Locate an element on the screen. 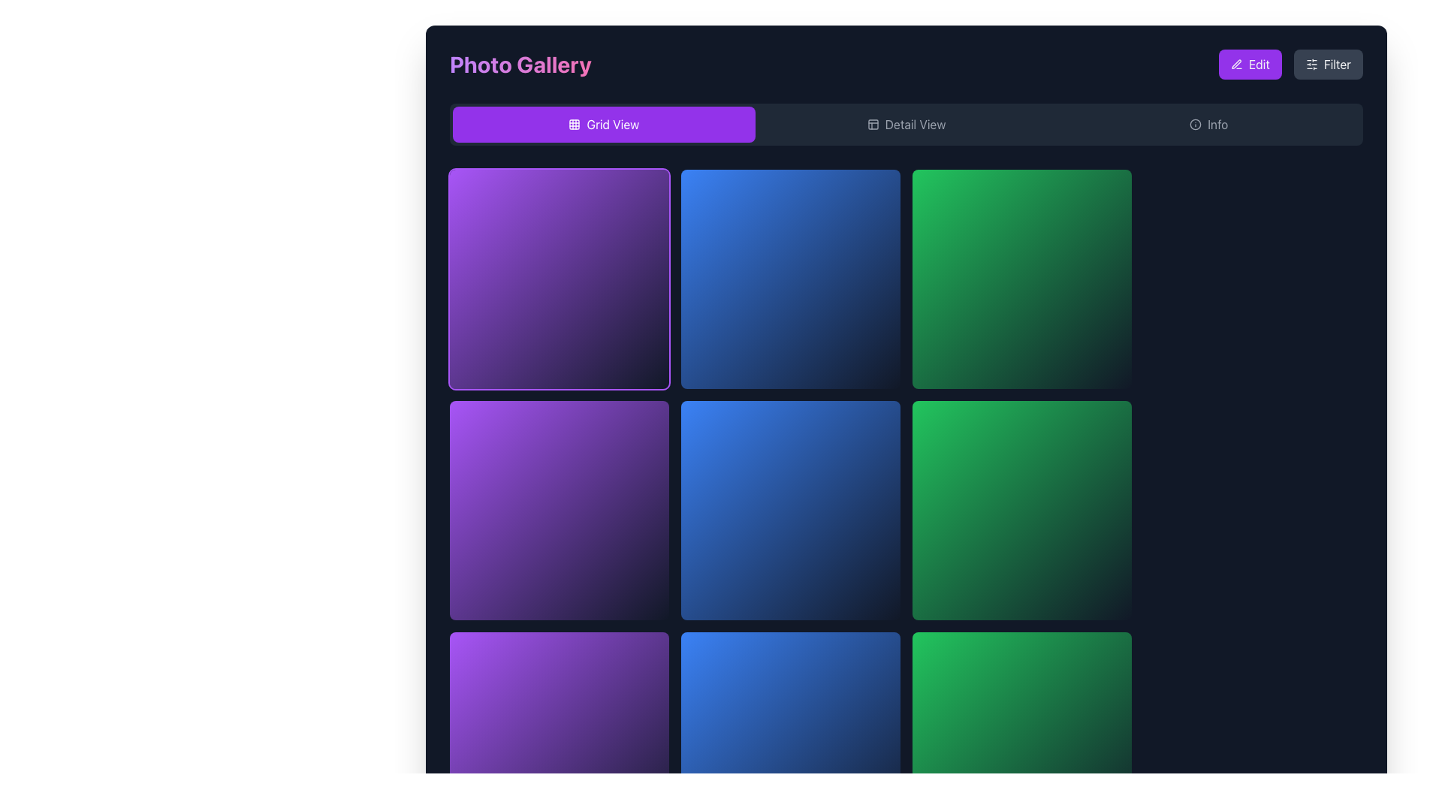  the interactive visual grid tile located in the second column of the third row is located at coordinates (789, 509).